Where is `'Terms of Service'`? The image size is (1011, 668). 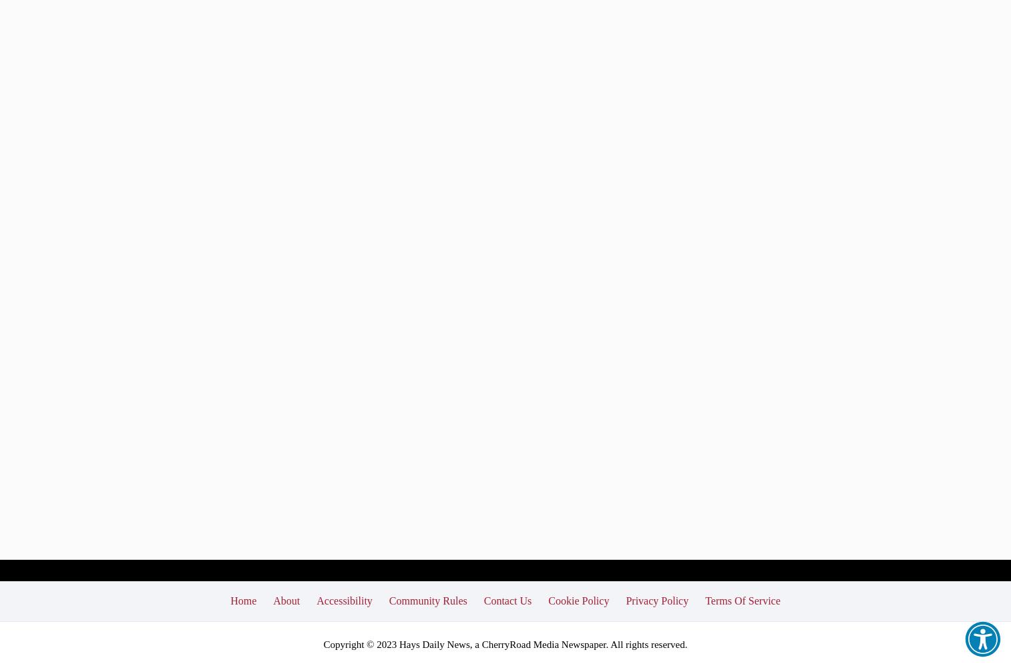 'Terms of Service' is located at coordinates (742, 600).